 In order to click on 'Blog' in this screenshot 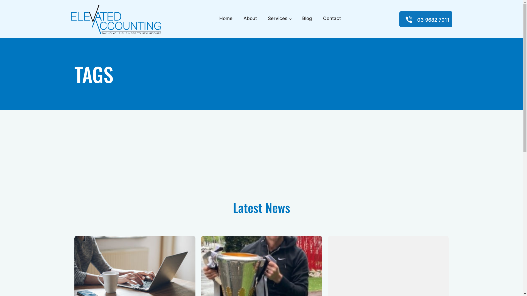, I will do `click(307, 19)`.